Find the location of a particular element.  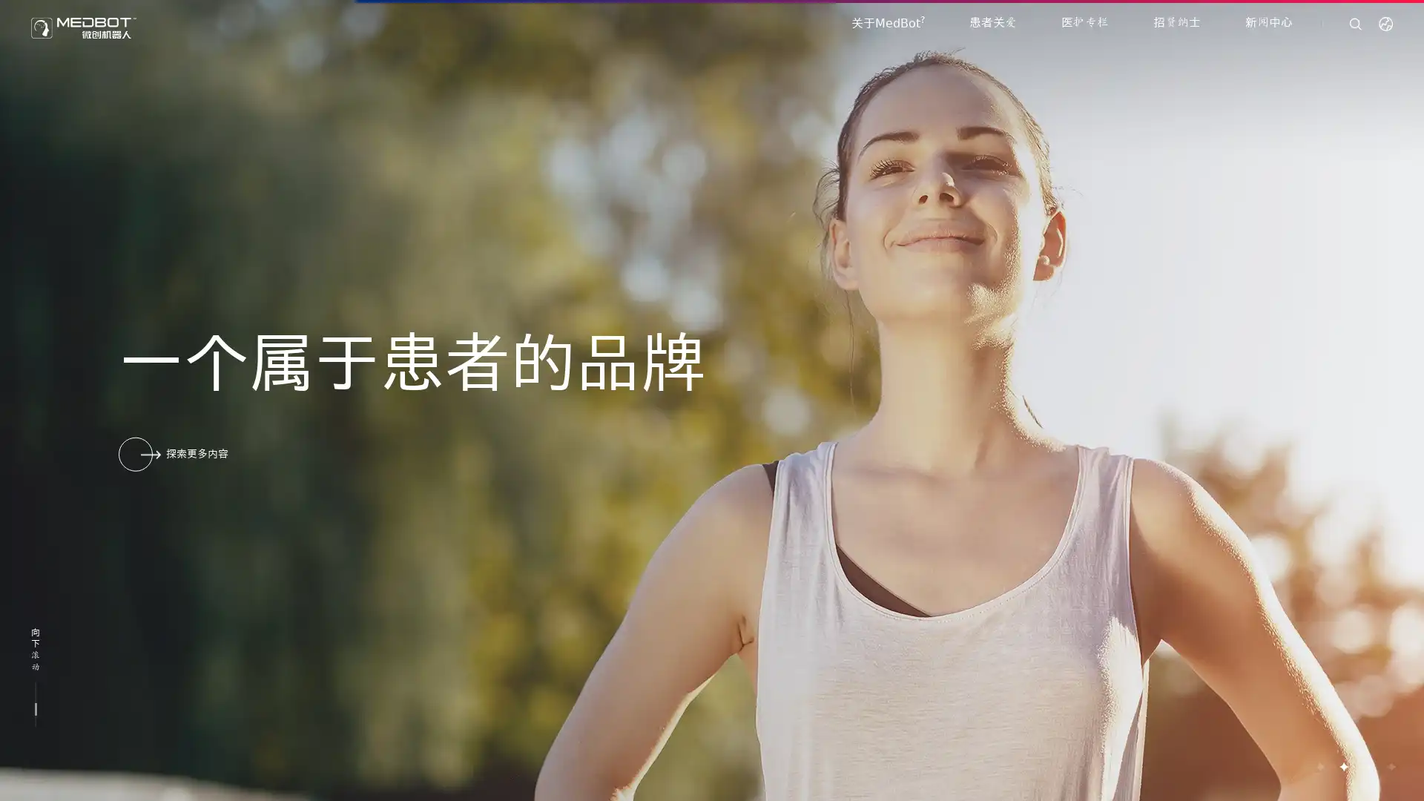

Go to slide 2 is located at coordinates (1342, 766).